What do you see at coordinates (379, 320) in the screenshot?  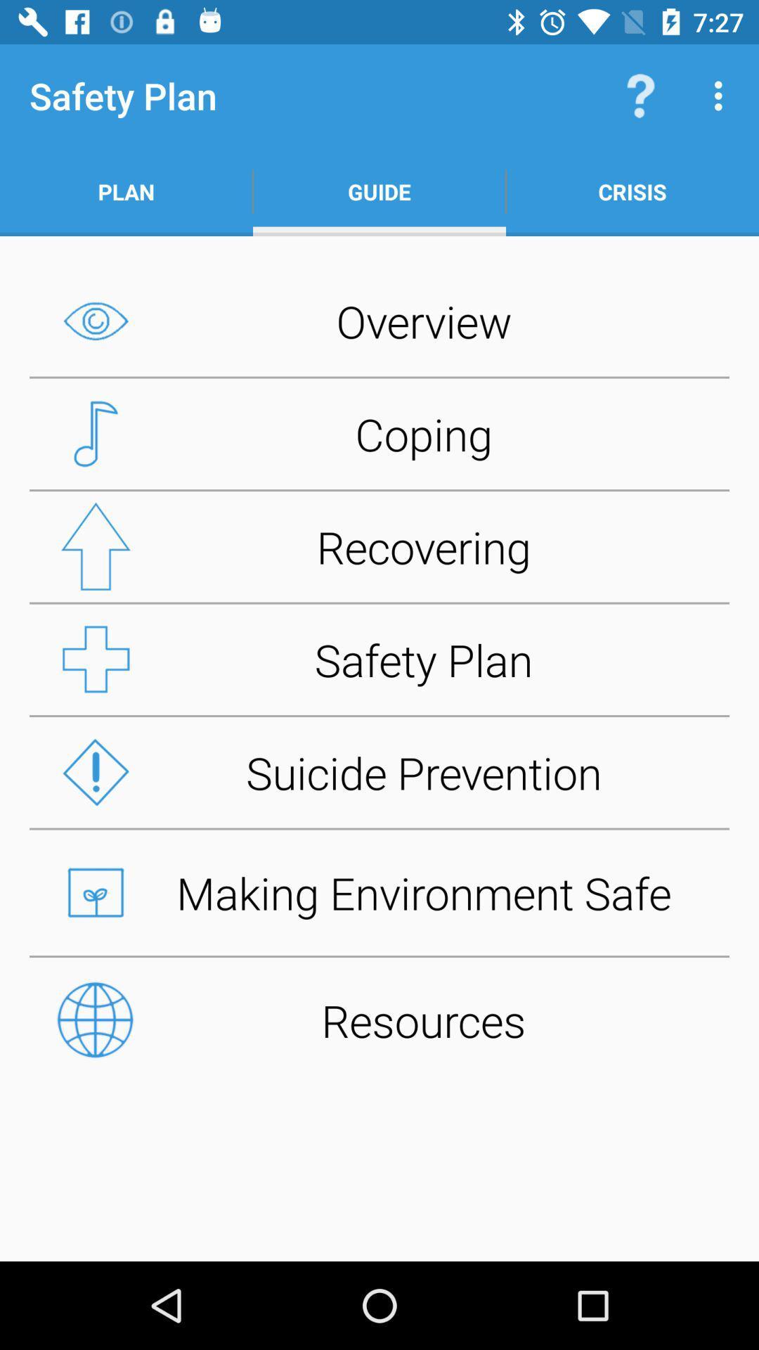 I see `app below plan app` at bounding box center [379, 320].